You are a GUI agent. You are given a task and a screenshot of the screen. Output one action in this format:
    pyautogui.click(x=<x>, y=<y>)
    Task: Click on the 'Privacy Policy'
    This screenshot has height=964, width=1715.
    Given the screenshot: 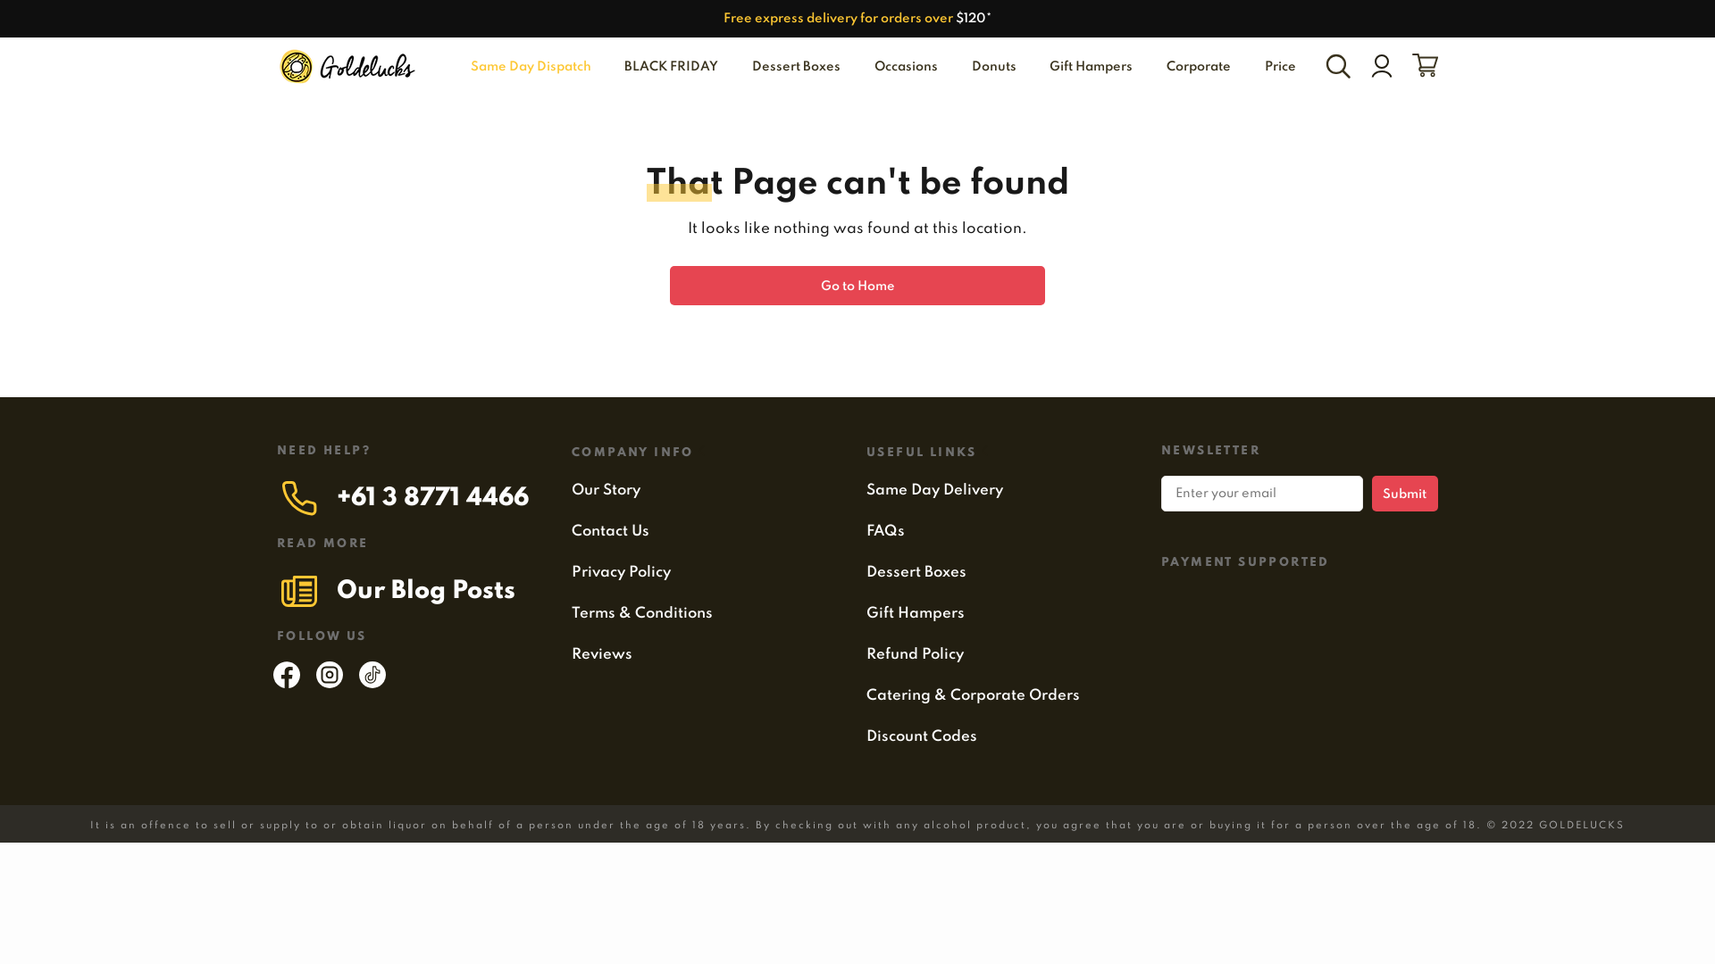 What is the action you would take?
    pyautogui.click(x=621, y=571)
    